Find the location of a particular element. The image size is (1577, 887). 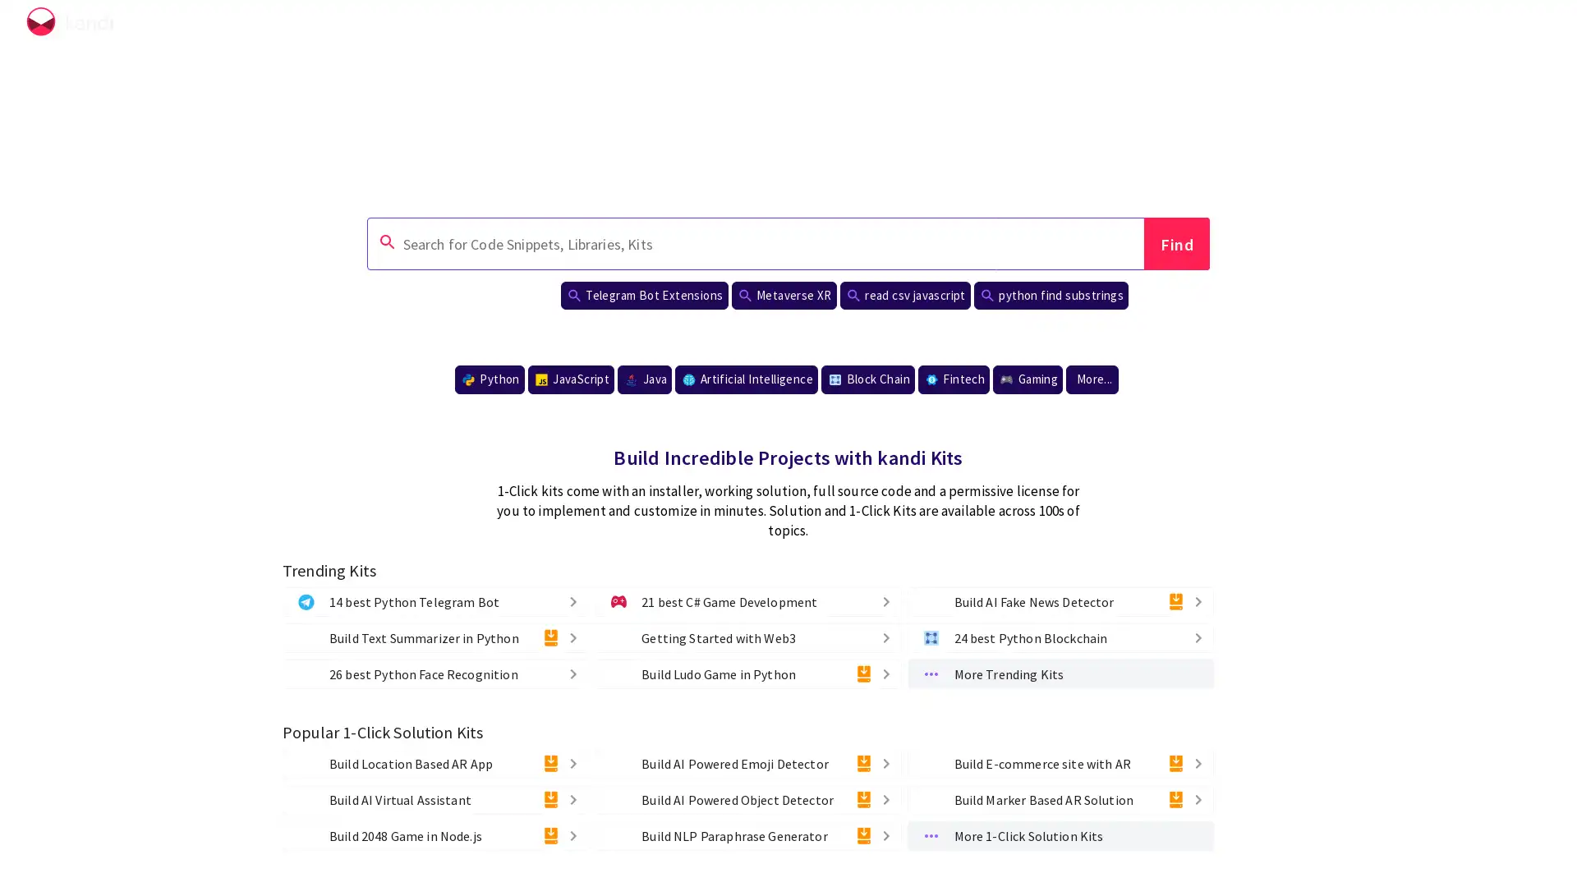

delete is located at coordinates (560, 673).